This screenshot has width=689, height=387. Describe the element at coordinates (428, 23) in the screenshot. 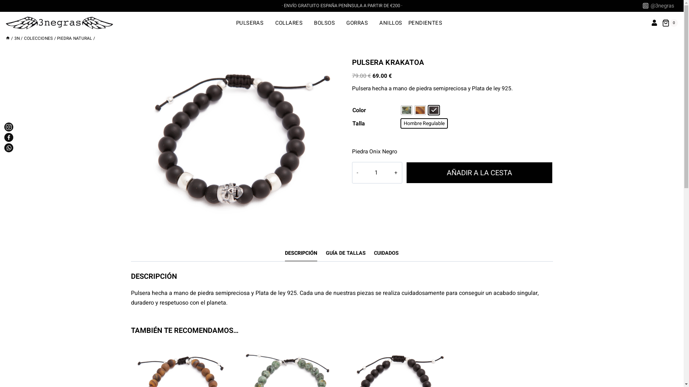

I see `'PENDIENTES'` at that location.